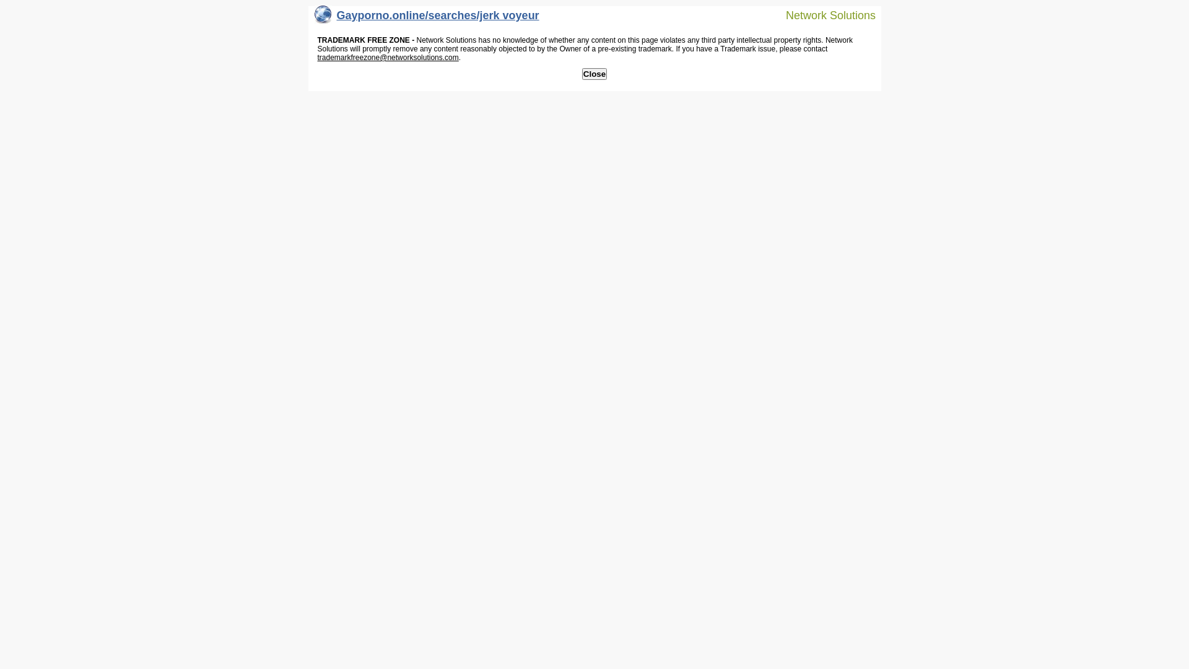 The image size is (1189, 669). Describe the element at coordinates (823, 14) in the screenshot. I see `'Network Solutions'` at that location.